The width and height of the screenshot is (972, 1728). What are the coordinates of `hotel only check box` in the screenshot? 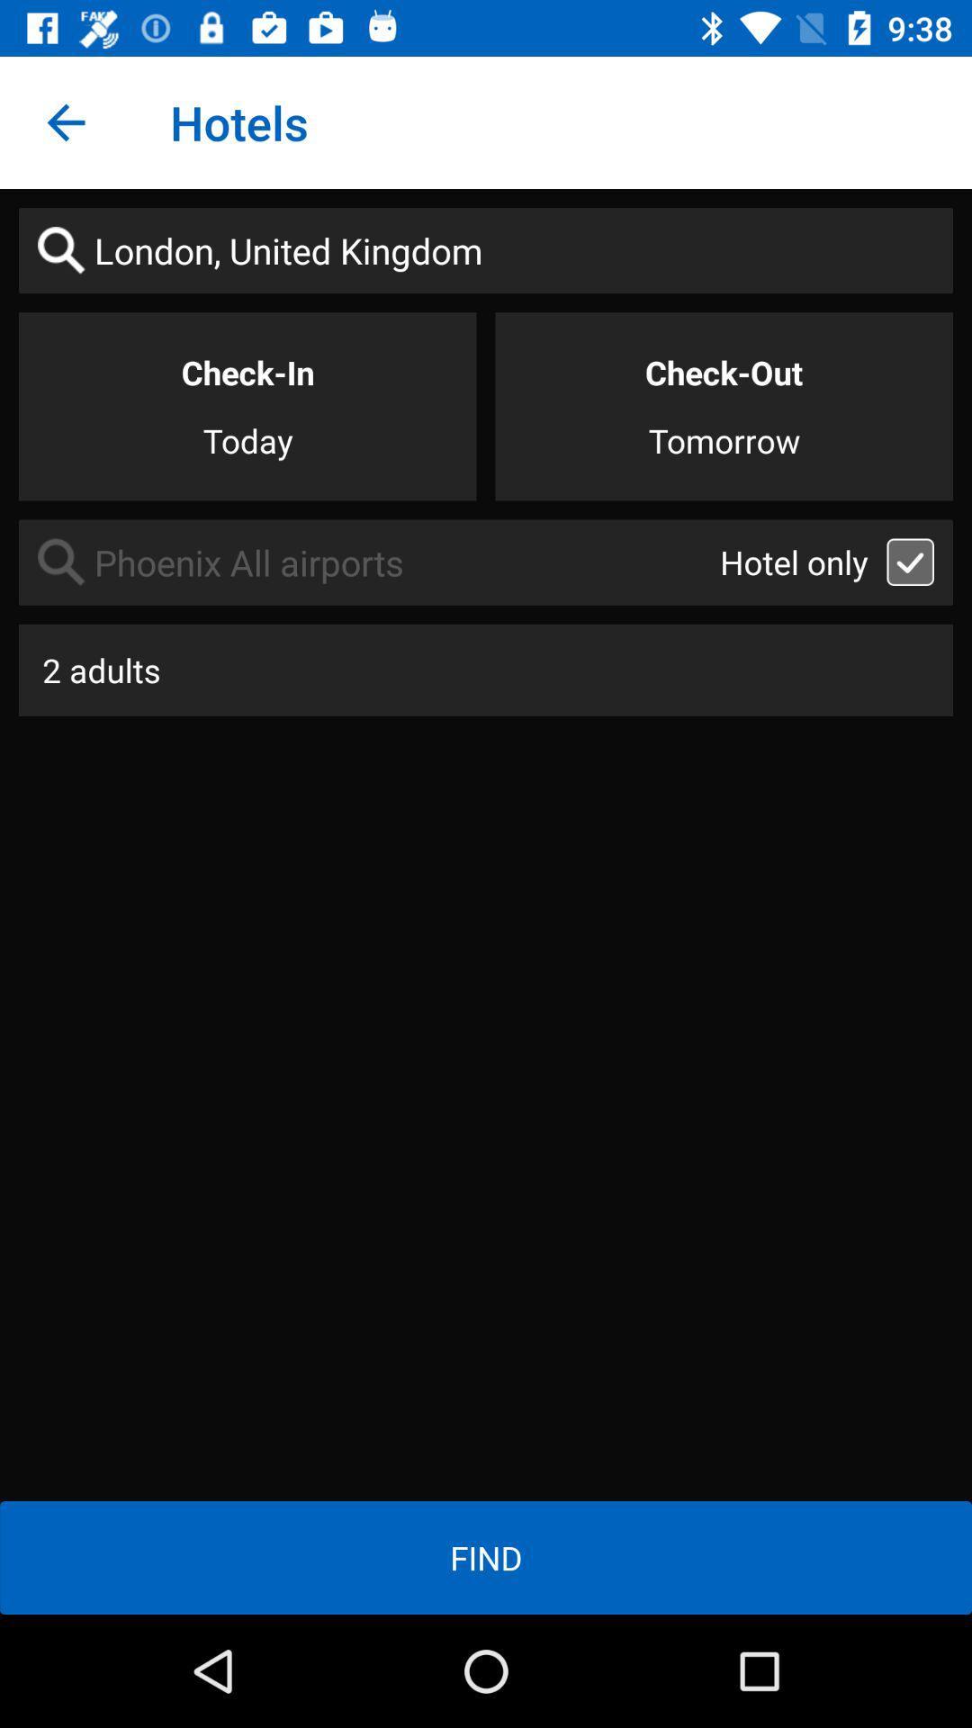 It's located at (910, 561).